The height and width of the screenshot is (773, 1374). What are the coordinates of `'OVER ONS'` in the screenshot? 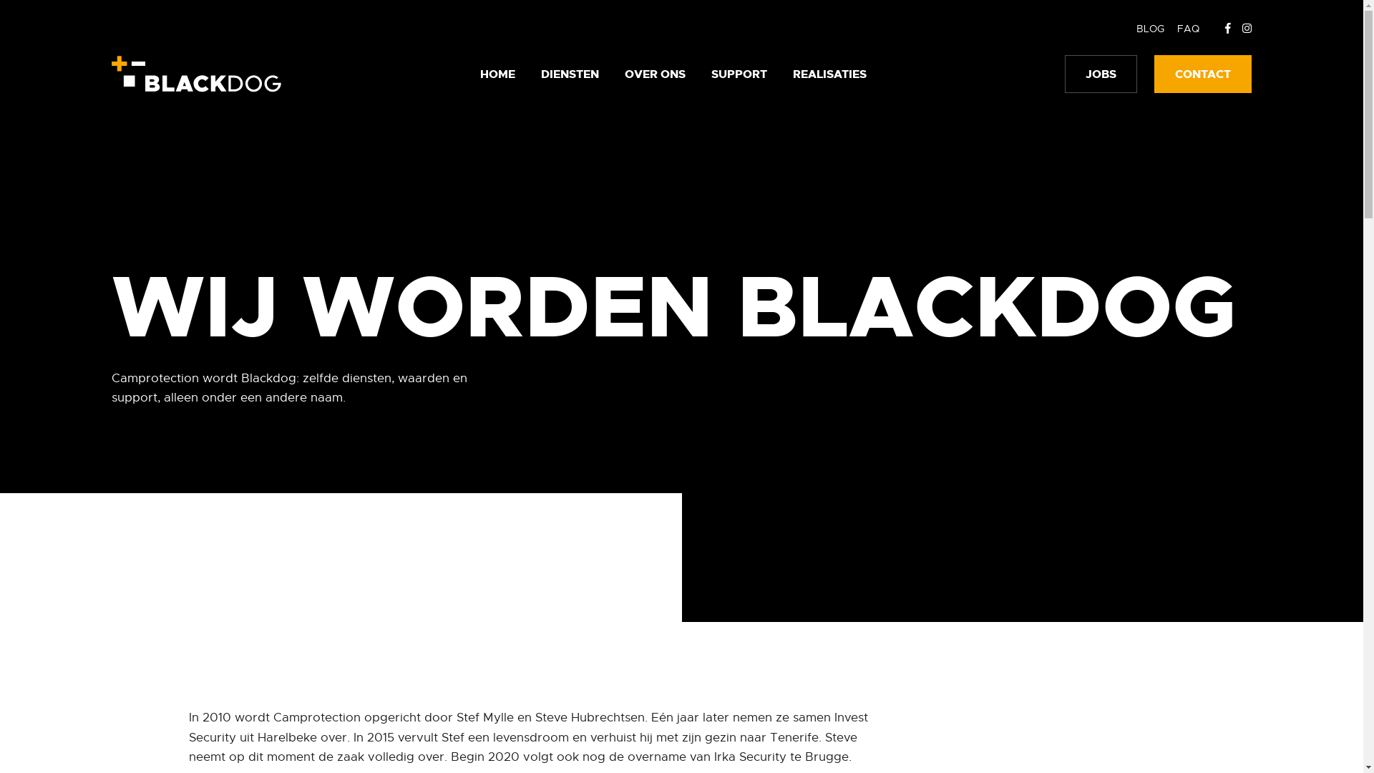 It's located at (653, 74).